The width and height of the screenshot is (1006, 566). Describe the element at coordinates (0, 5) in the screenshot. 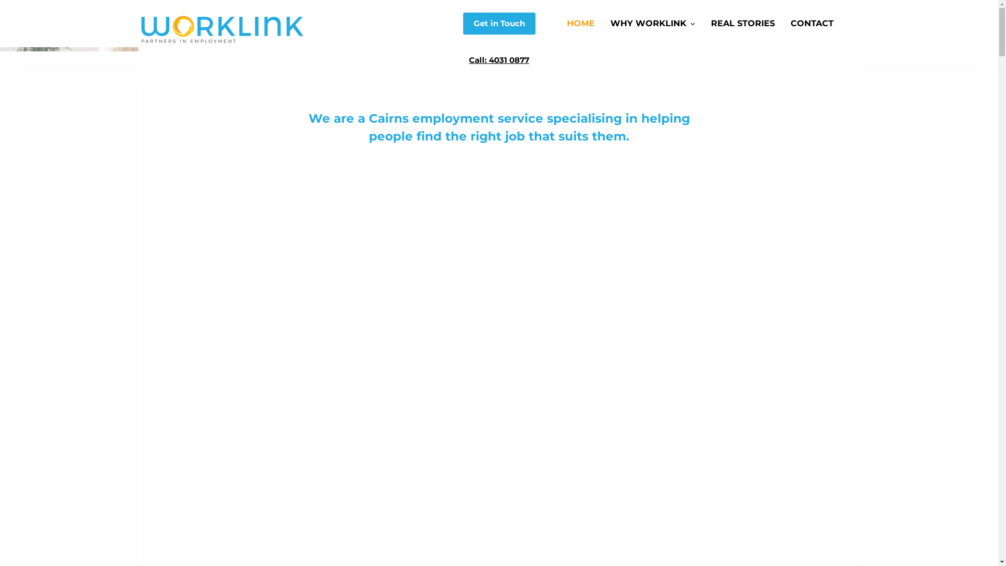

I see `'Skip to content'` at that location.